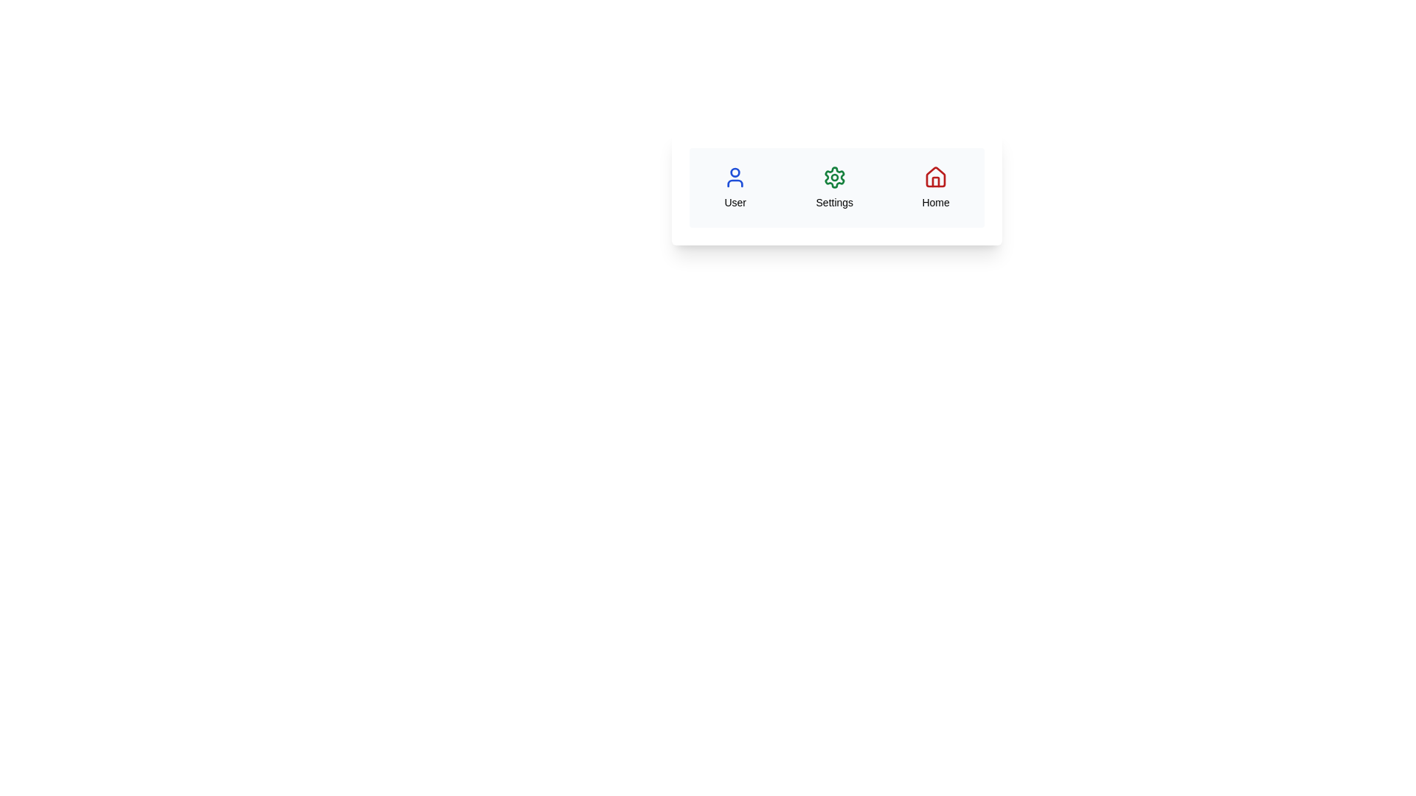 This screenshot has height=796, width=1416. Describe the element at coordinates (735, 176) in the screenshot. I see `the blue user profile SVG icon located in the first card labeled 'User' above the text 'User'` at that location.